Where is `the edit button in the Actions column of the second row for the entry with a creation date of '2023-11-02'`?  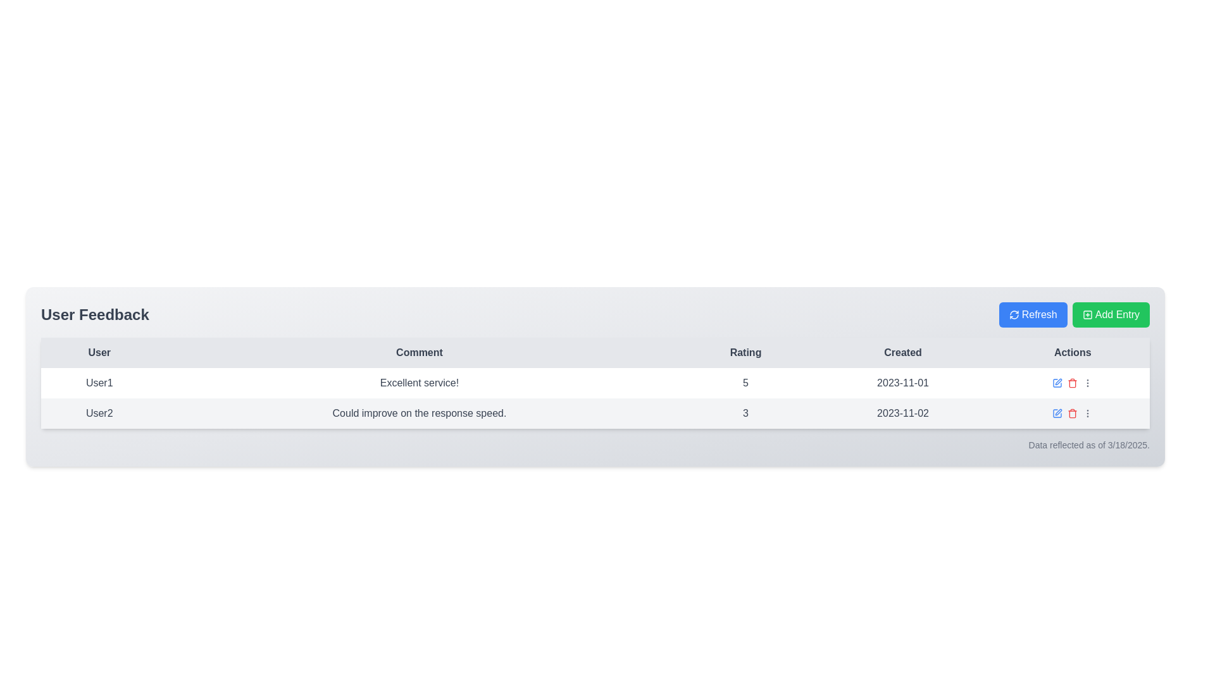 the edit button in the Actions column of the second row for the entry with a creation date of '2023-11-02' is located at coordinates (1059, 381).